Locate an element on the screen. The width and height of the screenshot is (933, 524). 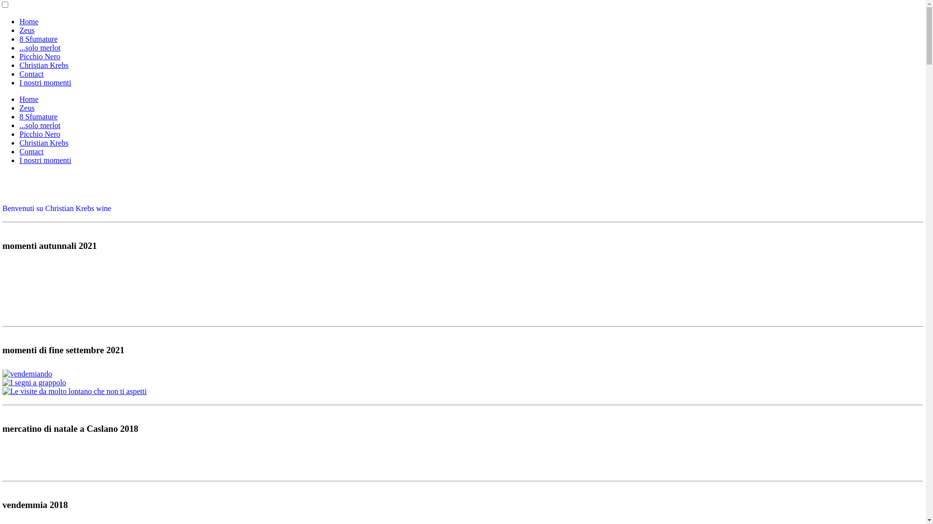
'Benvenuti su Christian Krebs wine' is located at coordinates (56, 208).